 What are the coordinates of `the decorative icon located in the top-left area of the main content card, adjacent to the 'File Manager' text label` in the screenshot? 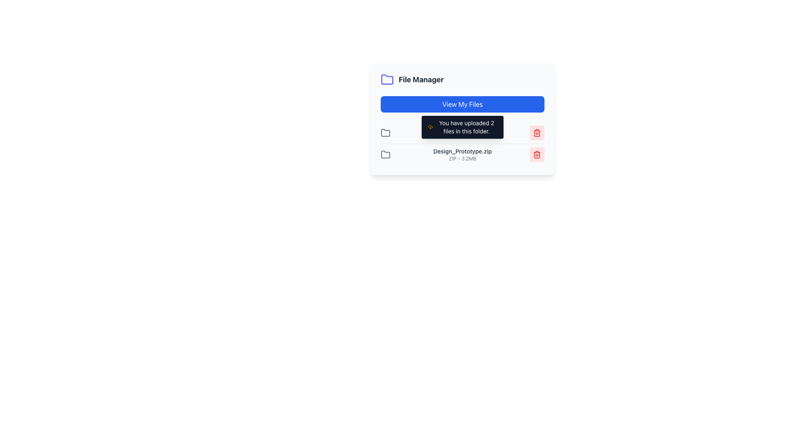 It's located at (386, 79).